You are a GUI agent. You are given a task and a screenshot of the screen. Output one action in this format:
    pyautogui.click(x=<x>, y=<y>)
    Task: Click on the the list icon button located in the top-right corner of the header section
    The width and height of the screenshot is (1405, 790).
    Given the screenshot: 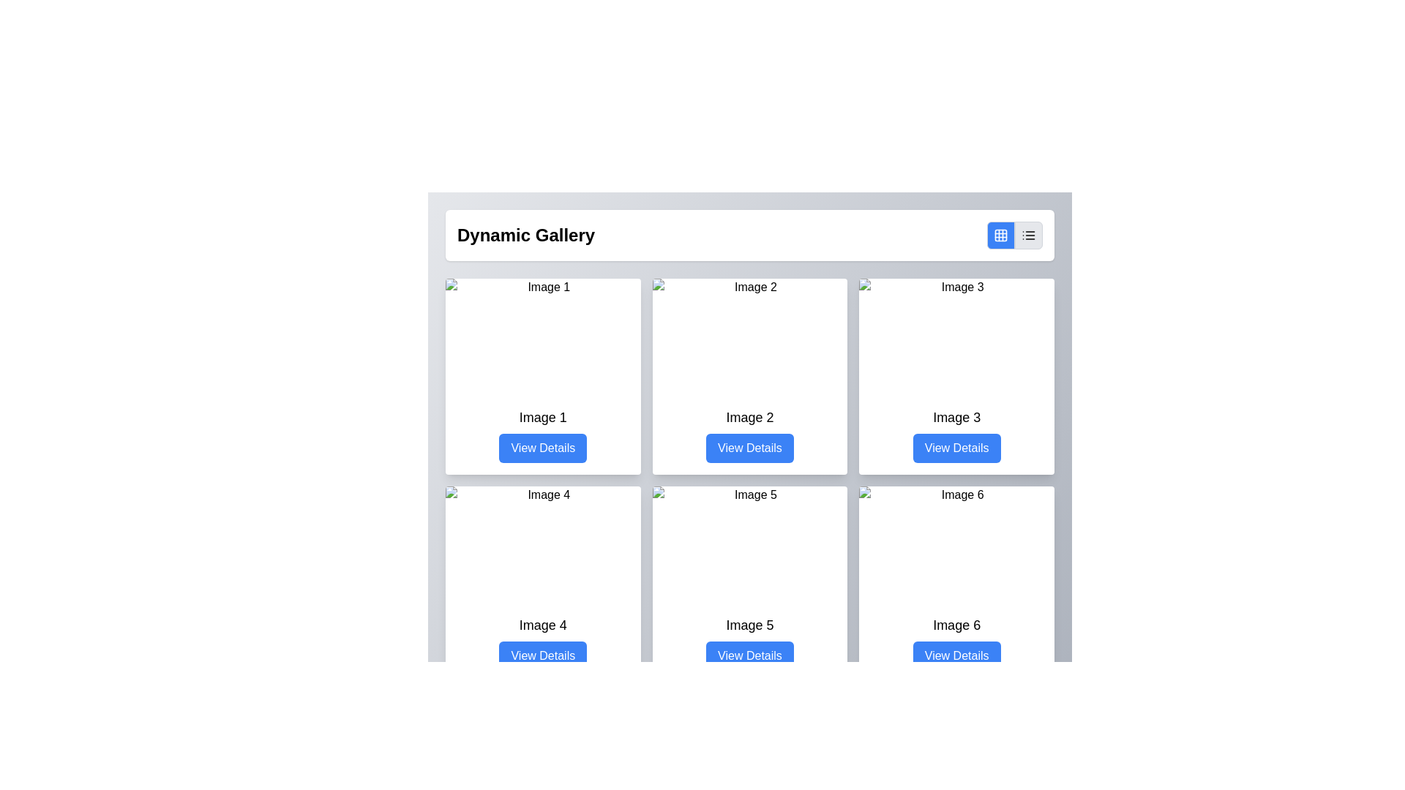 What is the action you would take?
    pyautogui.click(x=1028, y=234)
    